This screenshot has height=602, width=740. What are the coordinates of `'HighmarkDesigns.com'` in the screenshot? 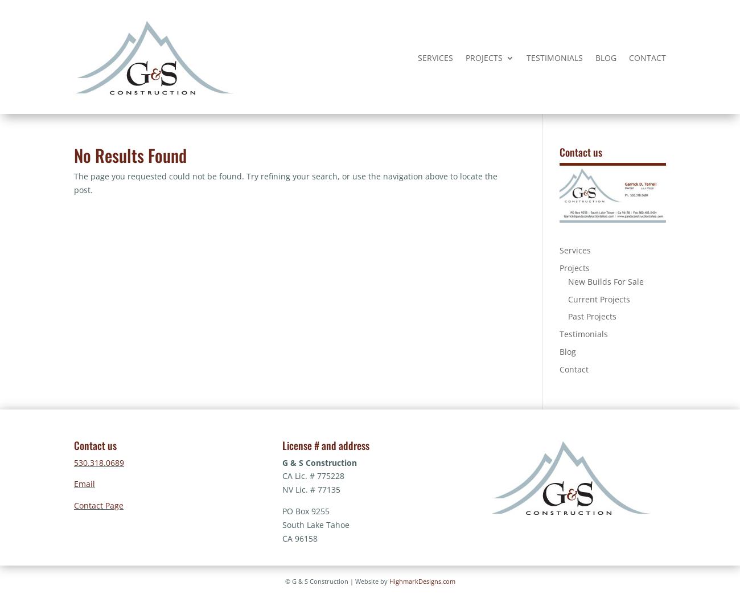 It's located at (421, 580).